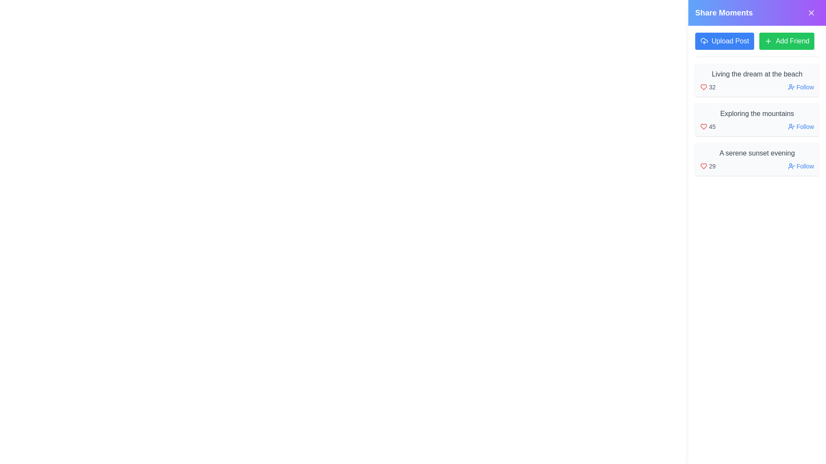 The width and height of the screenshot is (826, 464). What do you see at coordinates (804, 126) in the screenshot?
I see `the blue 'Follow' button, which is displayed in bold, sans-serif font` at bounding box center [804, 126].